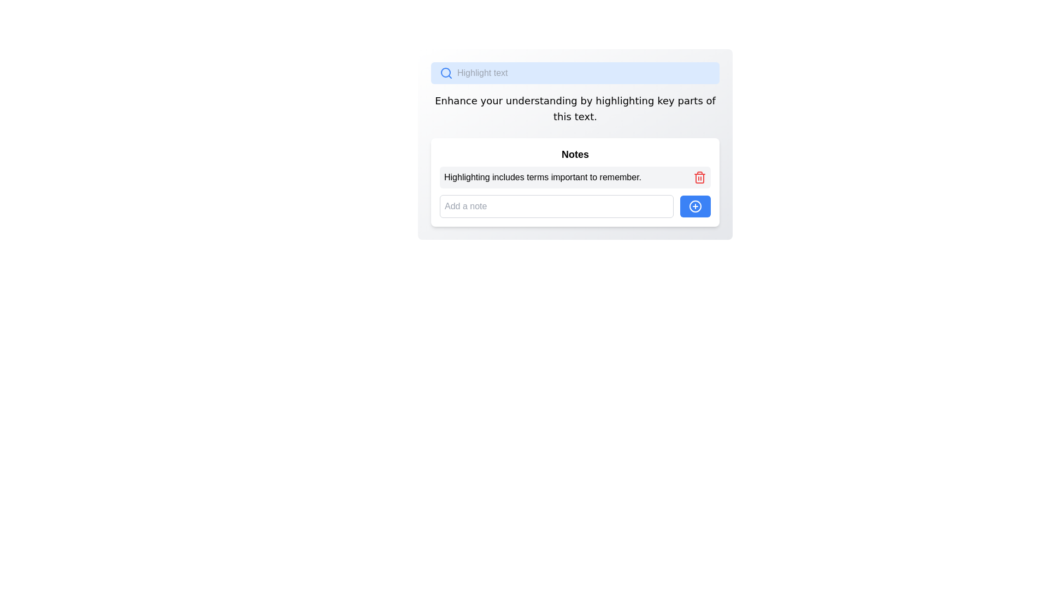 The image size is (1049, 590). What do you see at coordinates (709, 101) in the screenshot?
I see `the character 'o' in the text 'Enhance your understanding by highlighting key parts of this text.' which is styled in a sans-serif font and located centrally in the upper half of the interface` at bounding box center [709, 101].